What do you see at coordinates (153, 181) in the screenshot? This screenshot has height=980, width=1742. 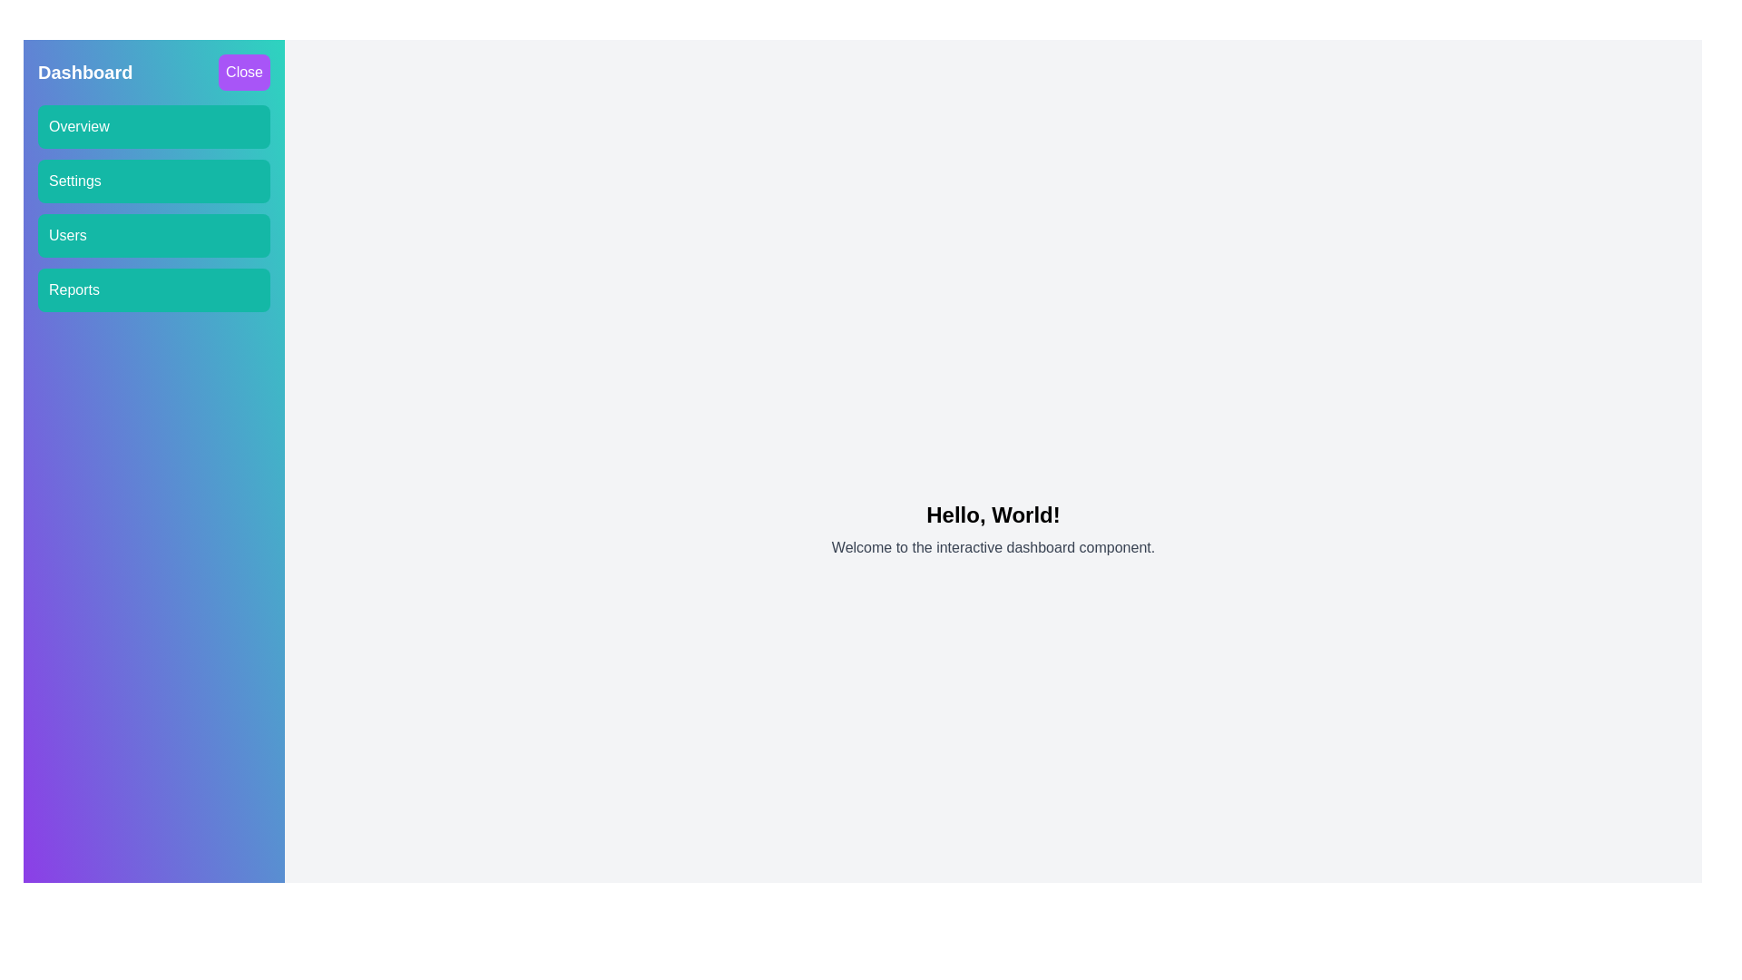 I see `the menu button labeled Settings to navigate to the corresponding section` at bounding box center [153, 181].